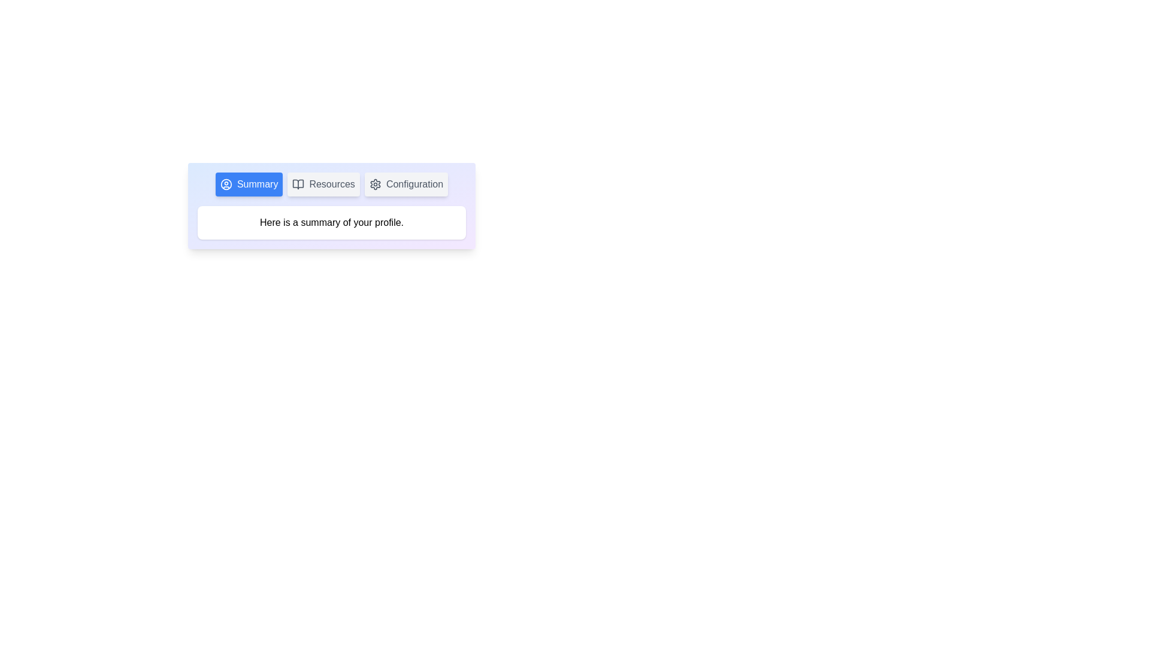  Describe the element at coordinates (405, 185) in the screenshot. I see `the Configuration tab by clicking on its button` at that location.